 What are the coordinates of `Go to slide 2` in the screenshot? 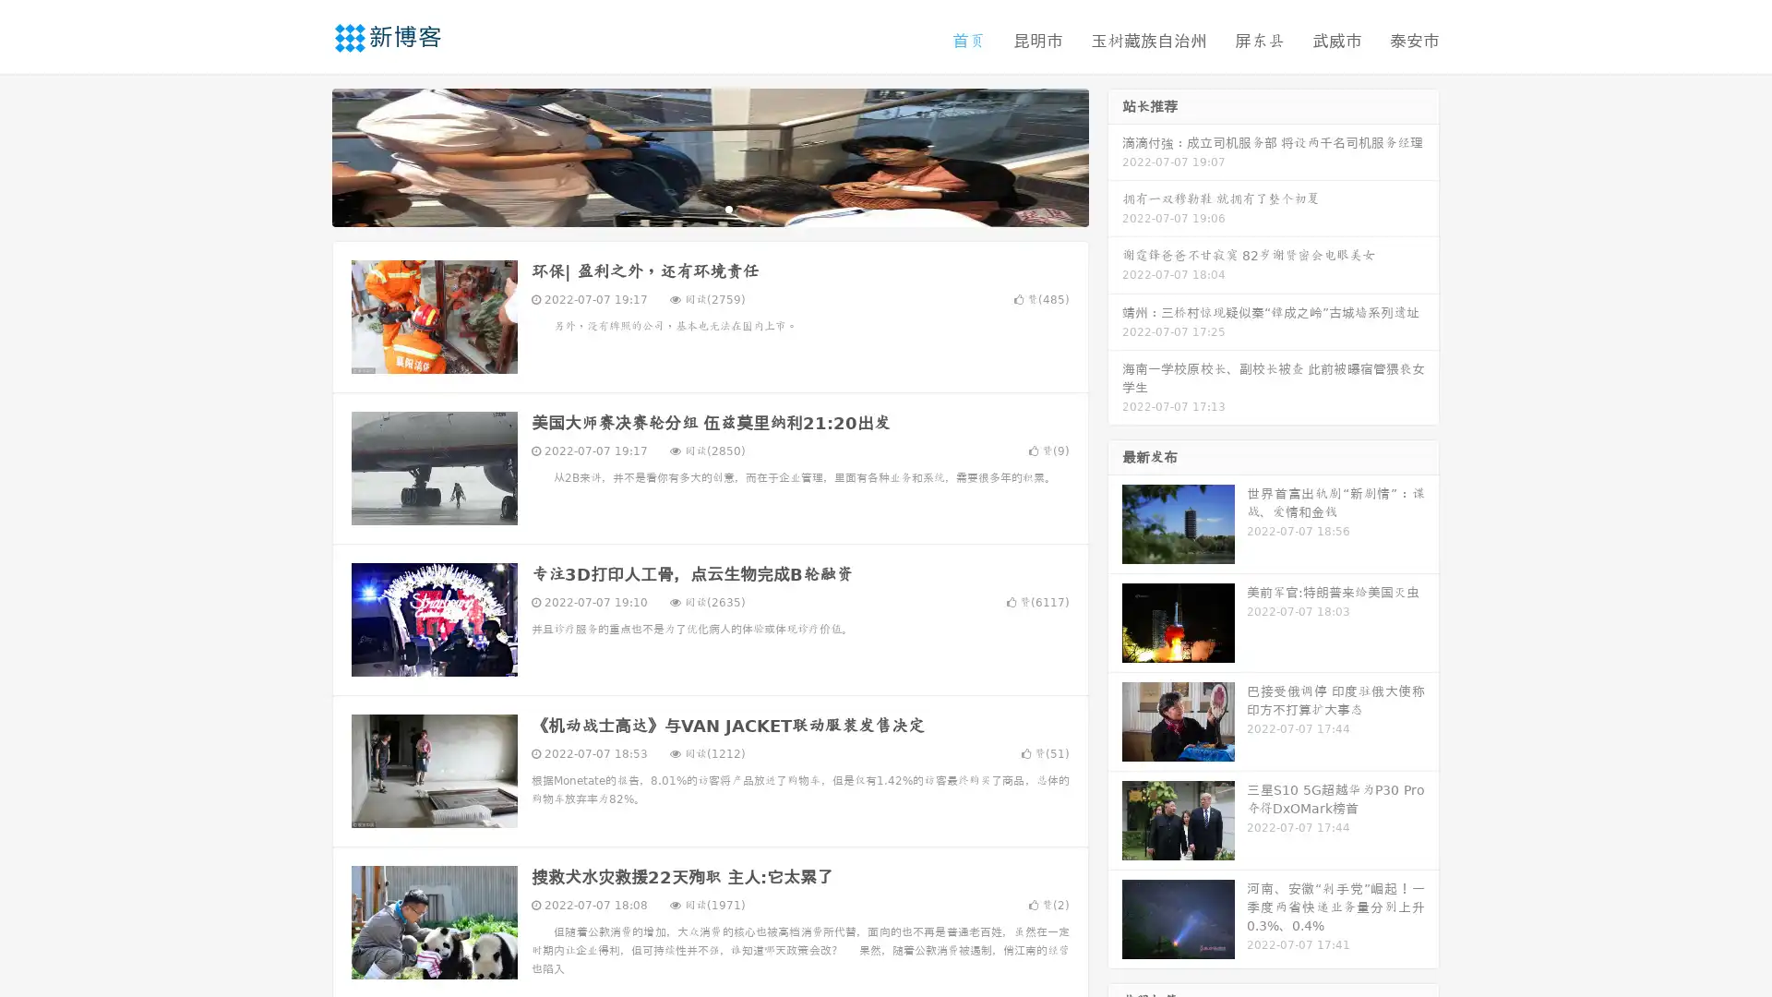 It's located at (709, 208).